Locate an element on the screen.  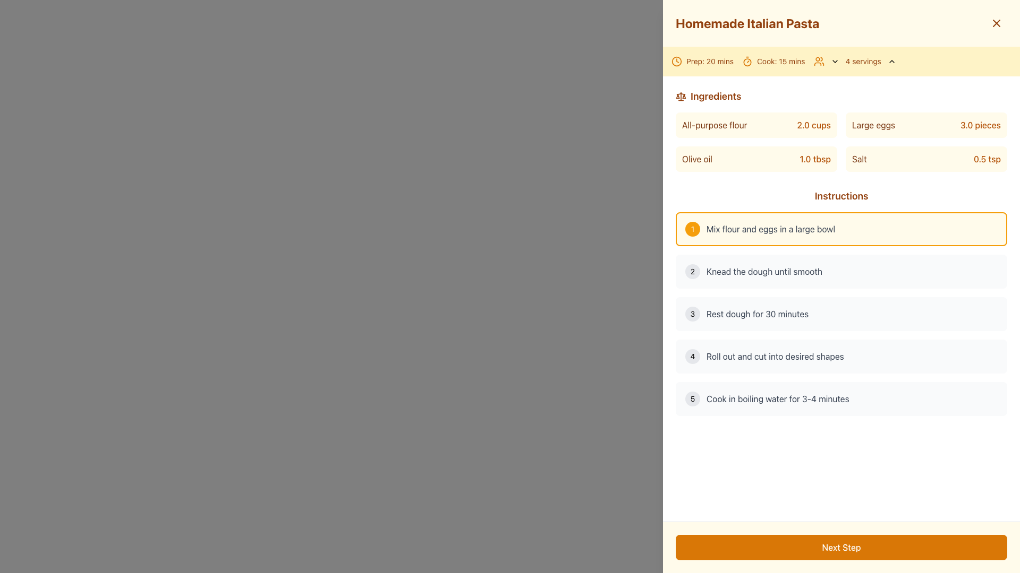
the static text displaying '0.5 tsp', which is styled in medium-weight amber color and located next to the label 'Salt' in the ingredients section is located at coordinates (987, 159).